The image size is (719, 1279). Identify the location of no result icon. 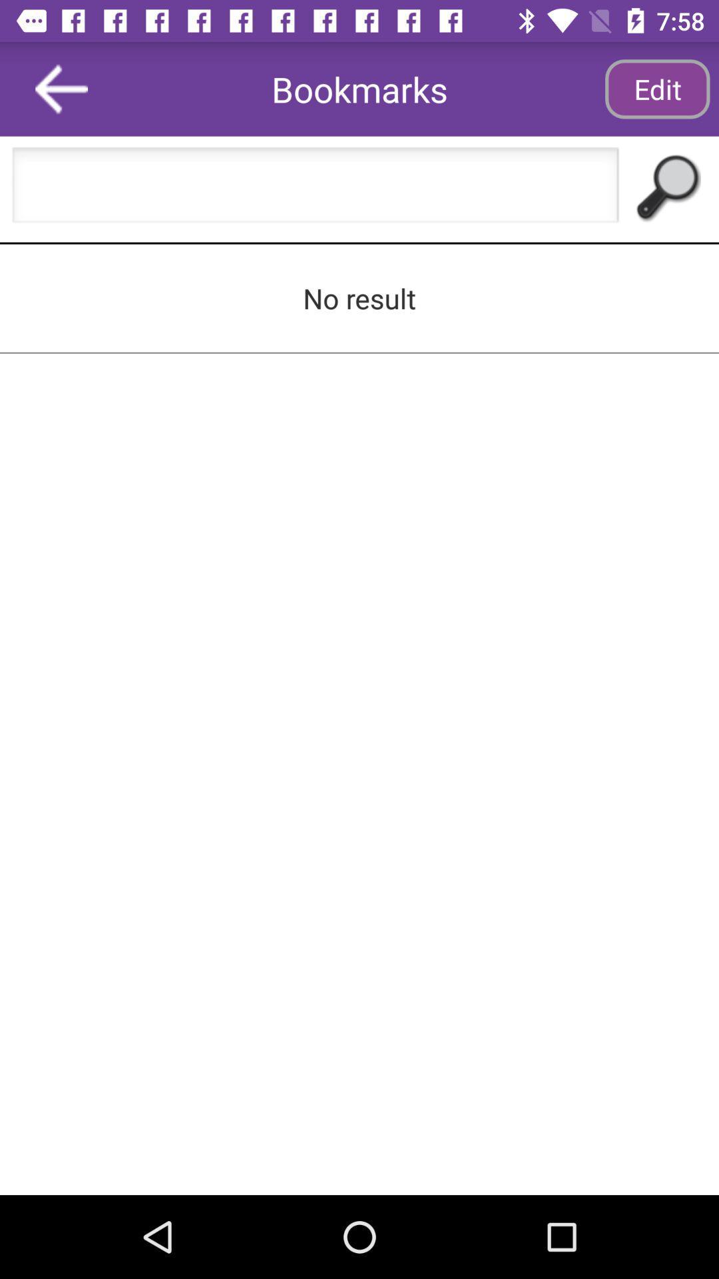
(359, 297).